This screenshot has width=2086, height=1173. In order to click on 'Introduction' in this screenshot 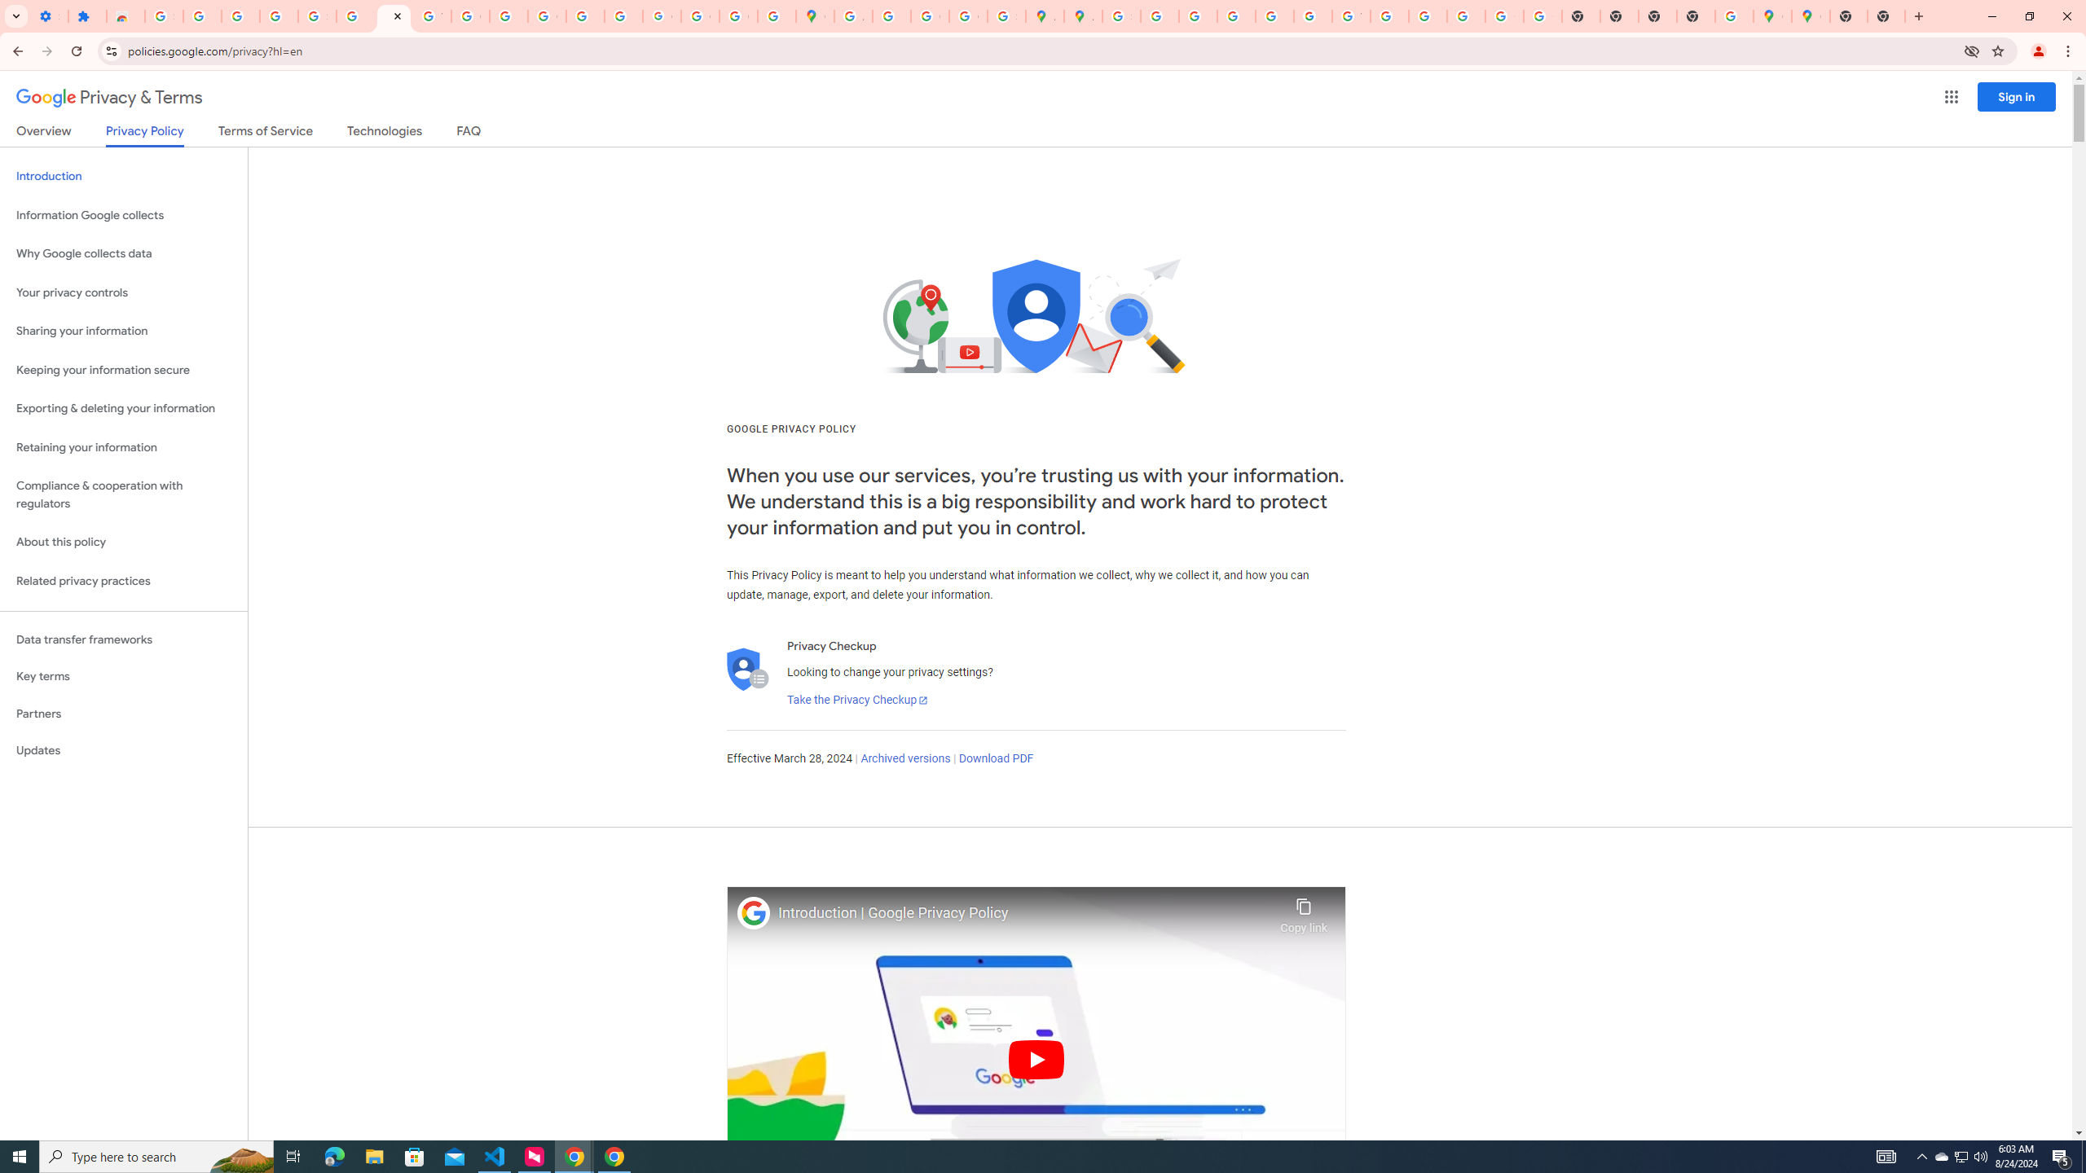, I will do `click(123, 175)`.